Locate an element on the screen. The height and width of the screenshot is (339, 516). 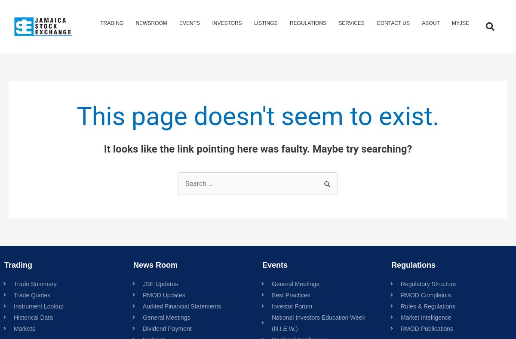
'Market Intelligence' is located at coordinates (426, 317).